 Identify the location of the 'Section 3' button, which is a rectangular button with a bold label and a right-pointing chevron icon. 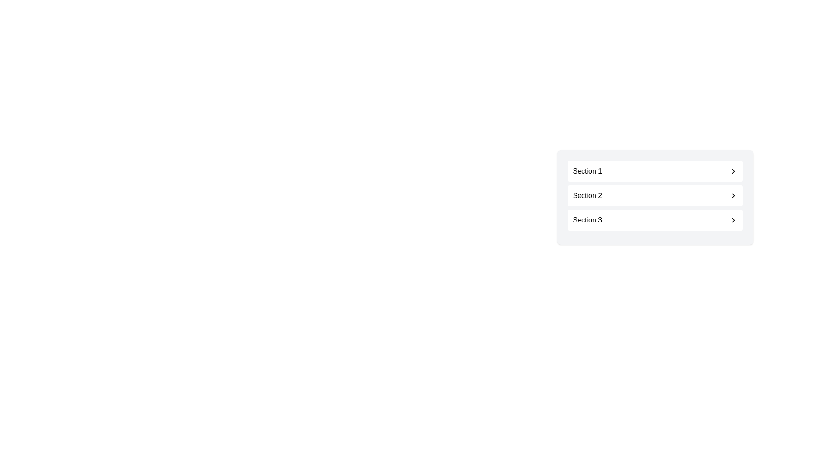
(655, 220).